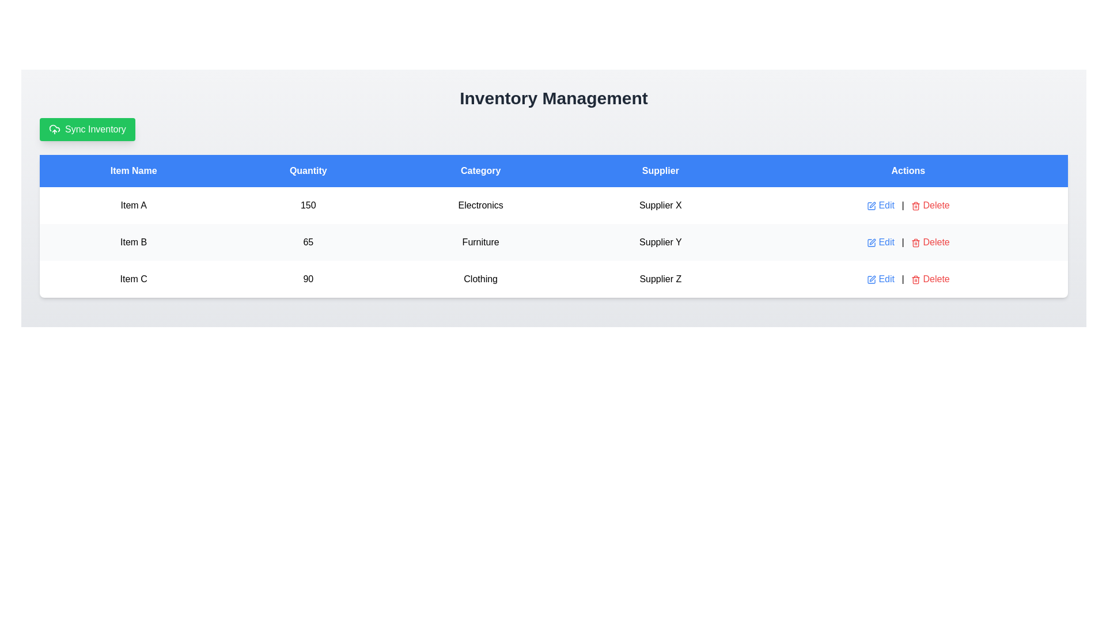 This screenshot has height=622, width=1106. What do you see at coordinates (54, 129) in the screenshot?
I see `the cloud upload icon located within the green 'Sync Inventory' button, positioned on the left side of the button's text` at bounding box center [54, 129].